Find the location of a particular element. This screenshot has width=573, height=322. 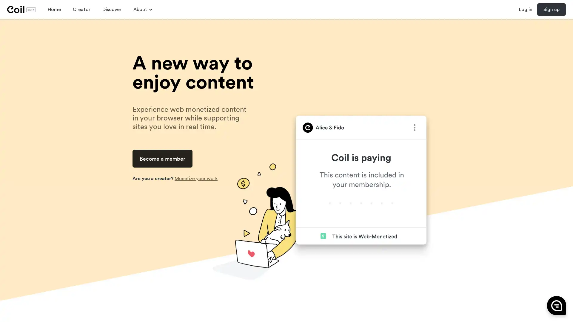

Discover is located at coordinates (112, 9).